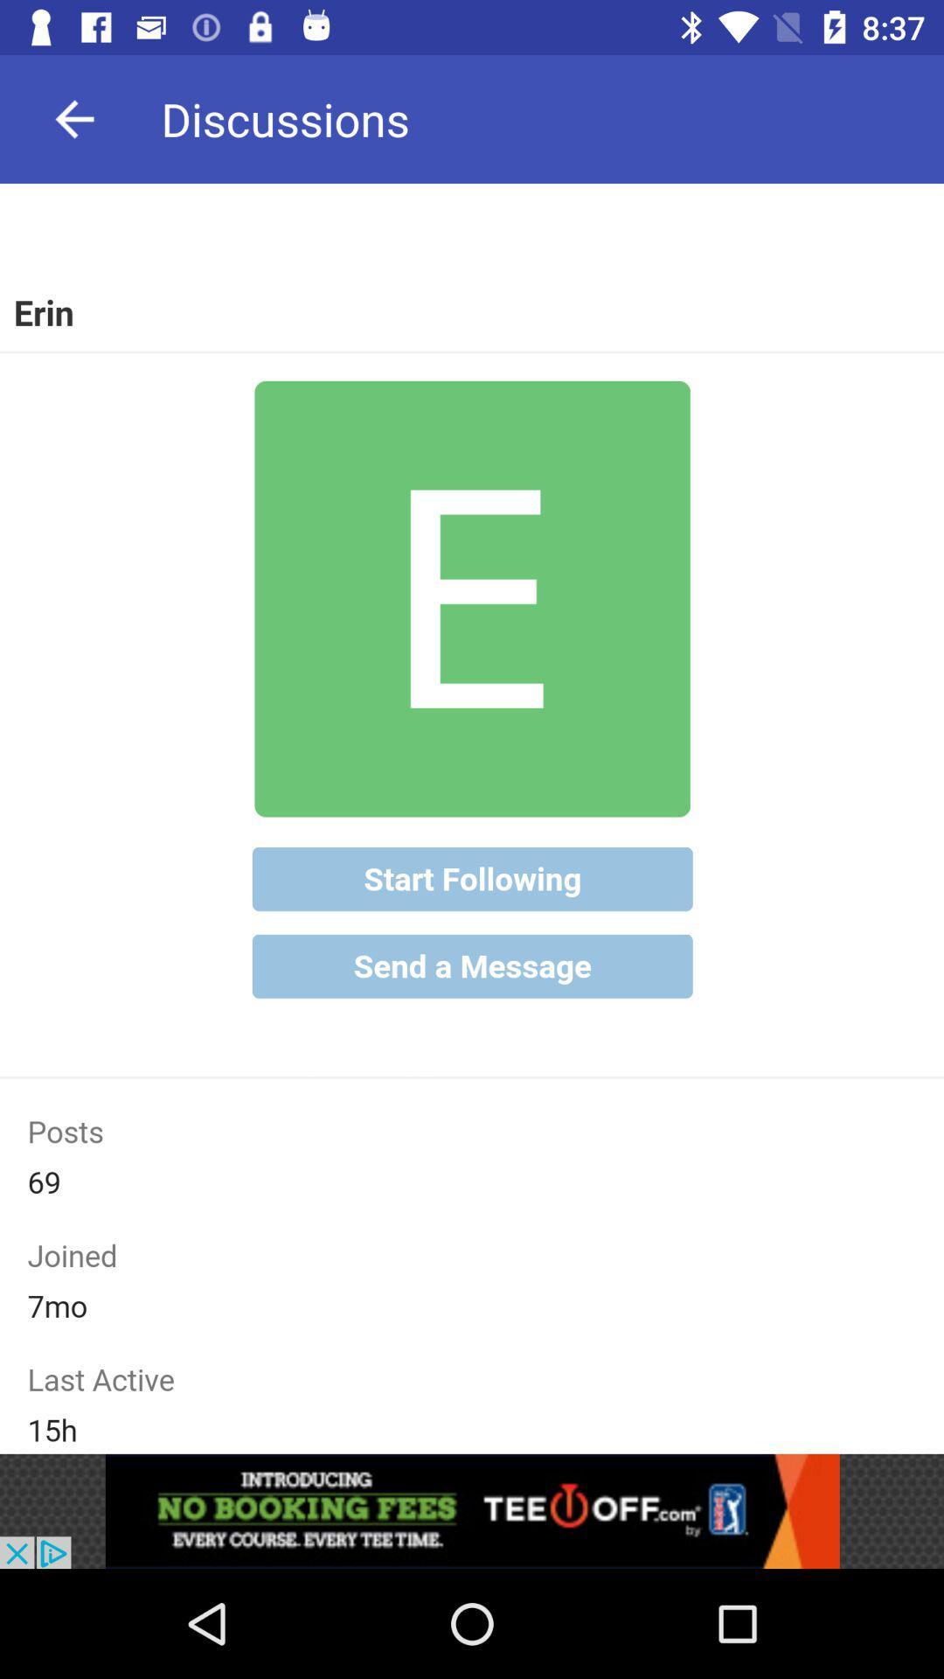  What do you see at coordinates (472, 1510) in the screenshot?
I see `view add` at bounding box center [472, 1510].